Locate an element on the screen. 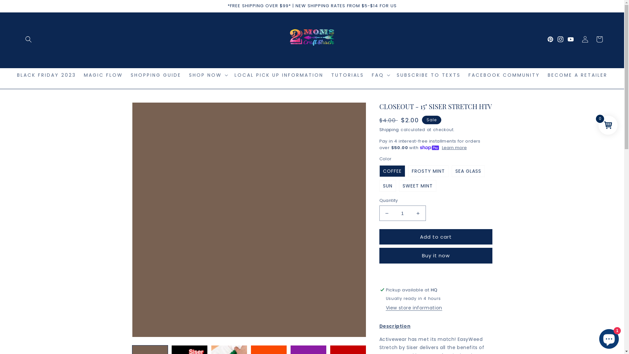 This screenshot has width=629, height=354. 'TUTORIALS' is located at coordinates (347, 74).